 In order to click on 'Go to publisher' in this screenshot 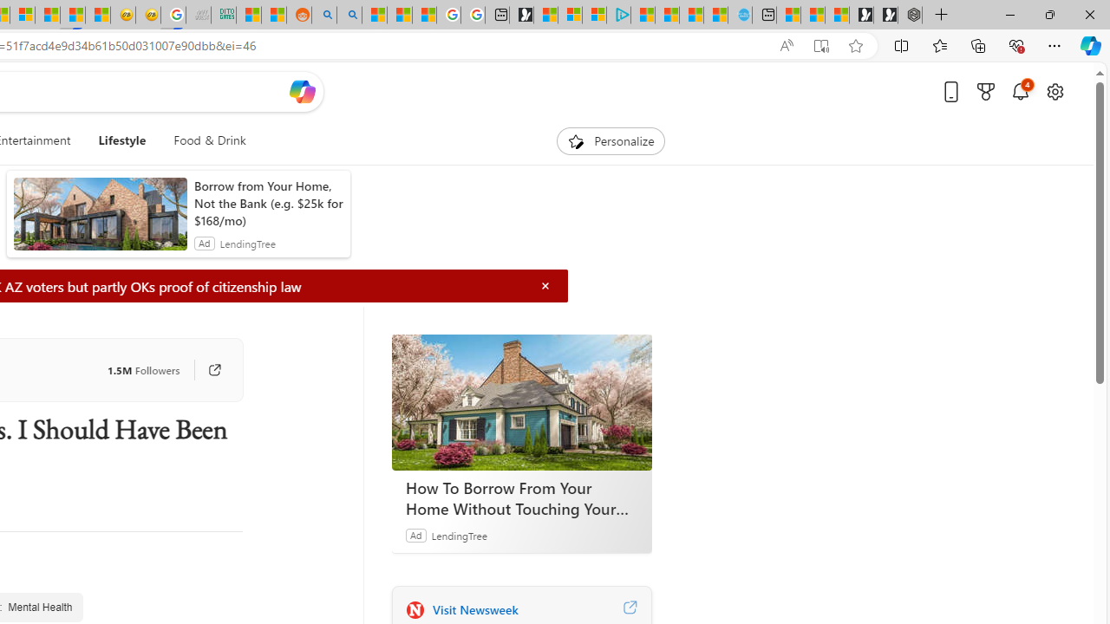, I will do `click(206, 368)`.